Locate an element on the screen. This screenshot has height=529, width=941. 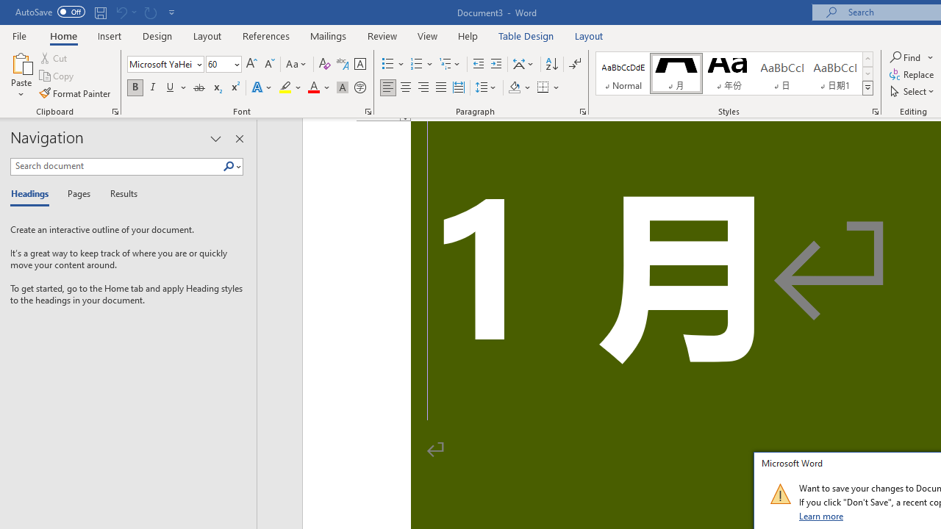
'File Tab' is located at coordinates (19, 35).